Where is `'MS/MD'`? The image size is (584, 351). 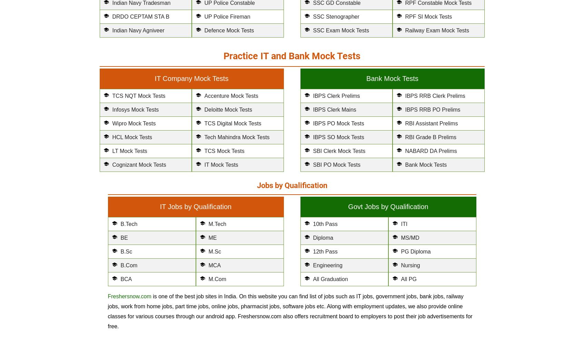 'MS/MD' is located at coordinates (409, 237).